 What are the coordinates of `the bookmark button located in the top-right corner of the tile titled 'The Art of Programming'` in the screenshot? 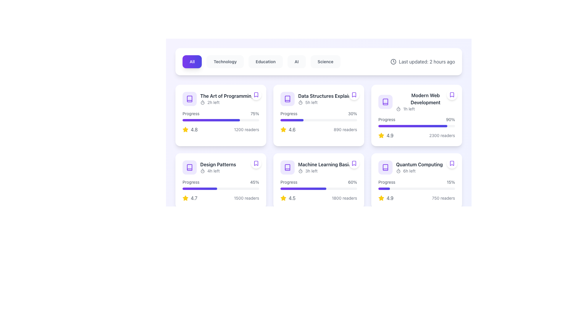 It's located at (256, 94).